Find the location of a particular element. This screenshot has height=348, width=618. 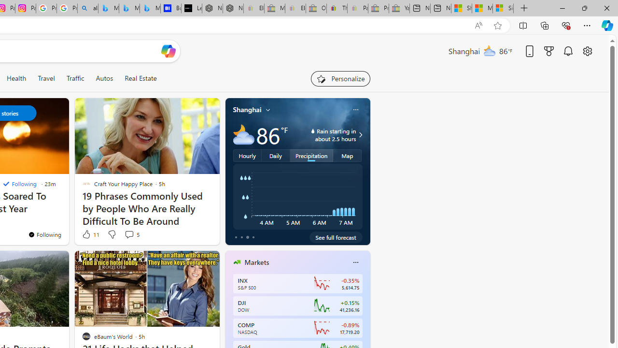

'View comments 5 Comment' is located at coordinates (128, 234).